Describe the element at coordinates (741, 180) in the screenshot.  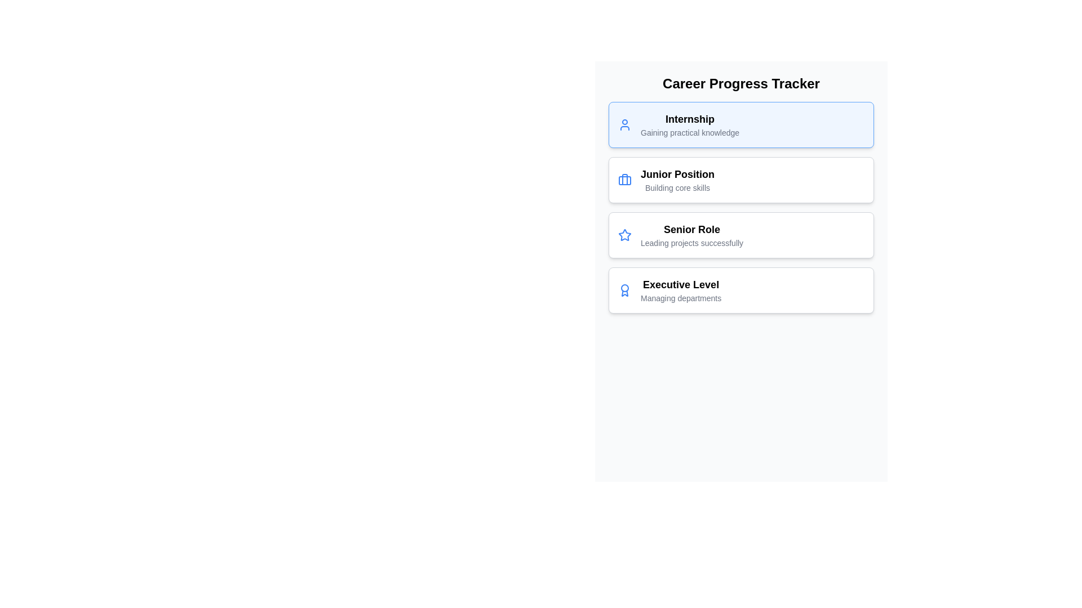
I see `the informational card for the 'Junior Position' stage in the career progress interface` at that location.